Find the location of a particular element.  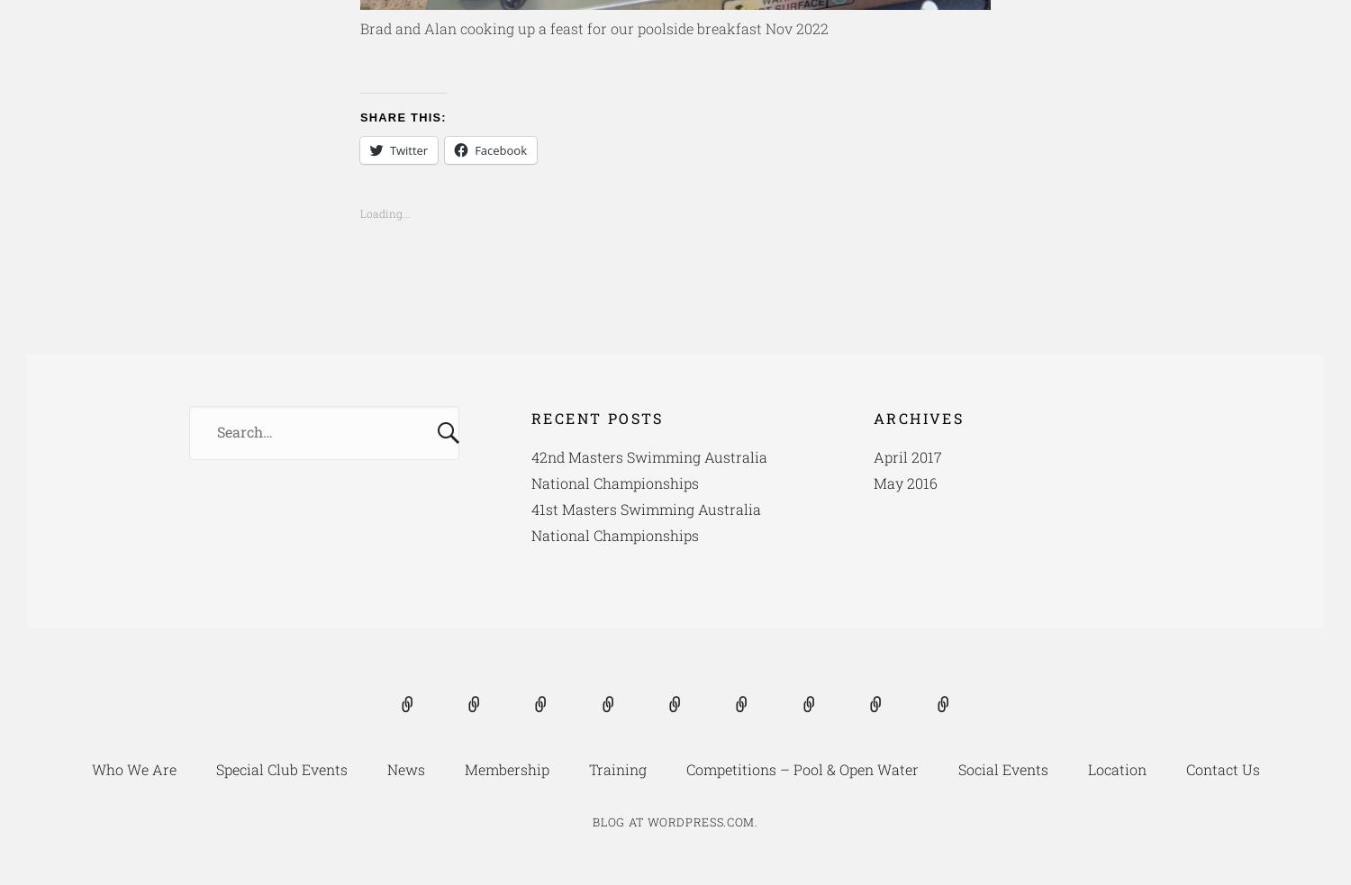

'Blog at WordPress.com.' is located at coordinates (674, 822).